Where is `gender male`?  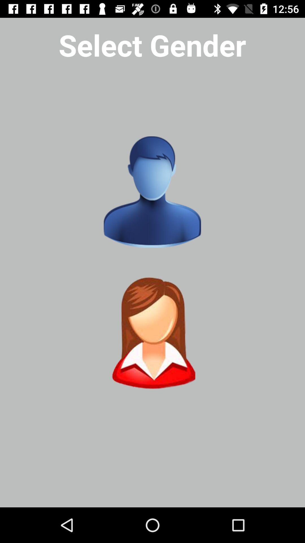 gender male is located at coordinates (152, 192).